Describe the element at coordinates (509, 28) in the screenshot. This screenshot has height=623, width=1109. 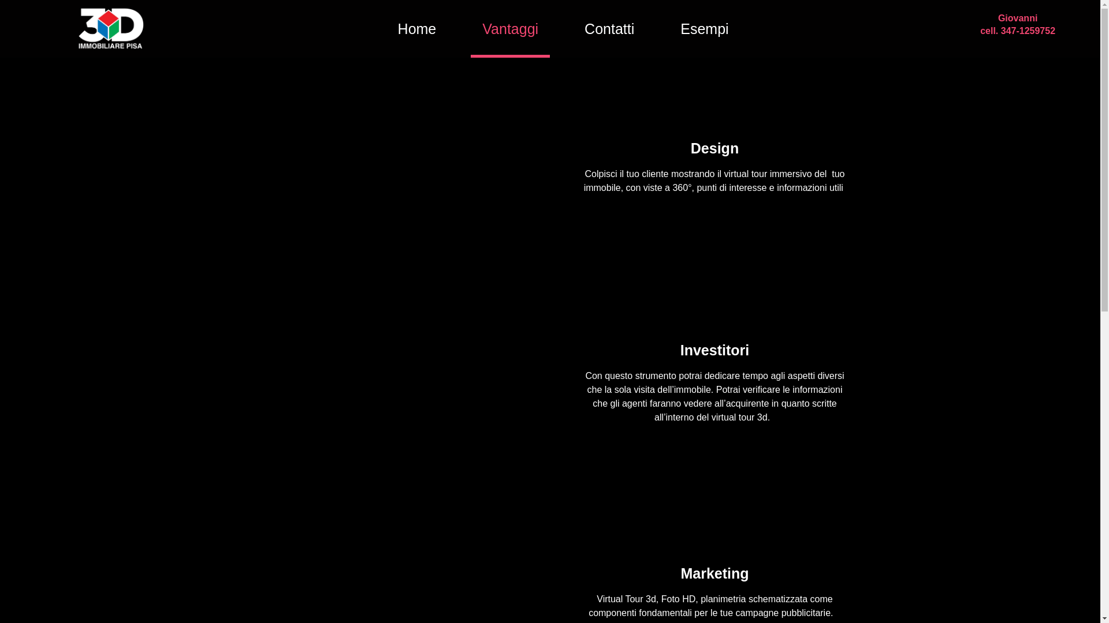
I see `'Vantaggi'` at that location.